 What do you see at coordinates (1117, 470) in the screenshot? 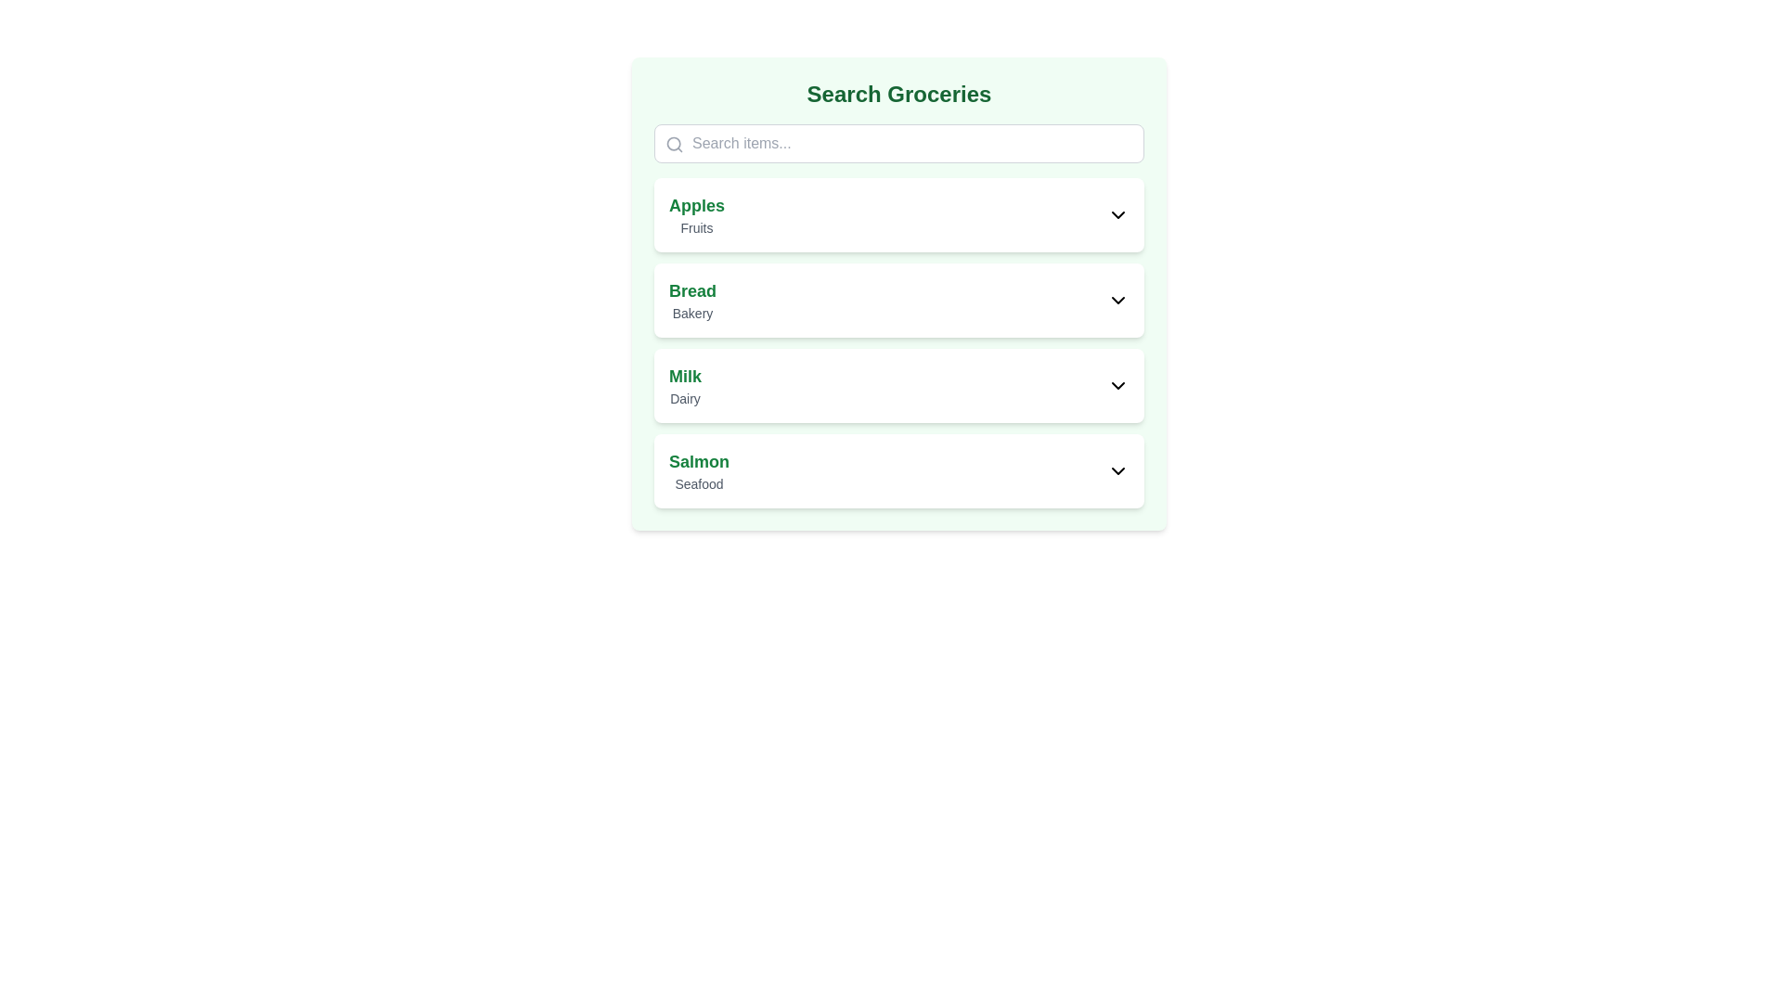
I see `the downward-pointing chevron icon located at the far right of the 'Salmon Seafood' entry` at bounding box center [1117, 470].